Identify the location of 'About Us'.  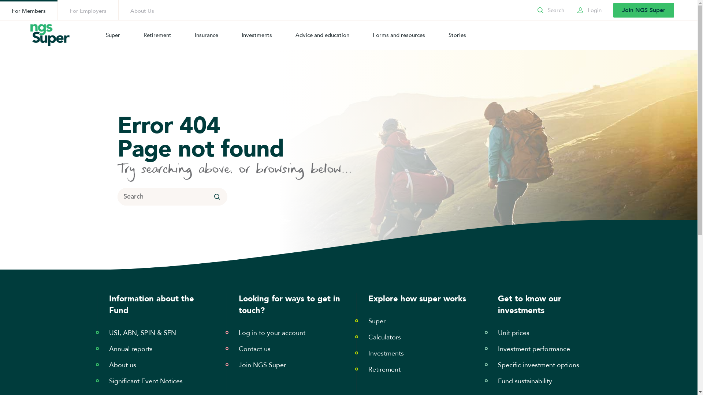
(119, 10).